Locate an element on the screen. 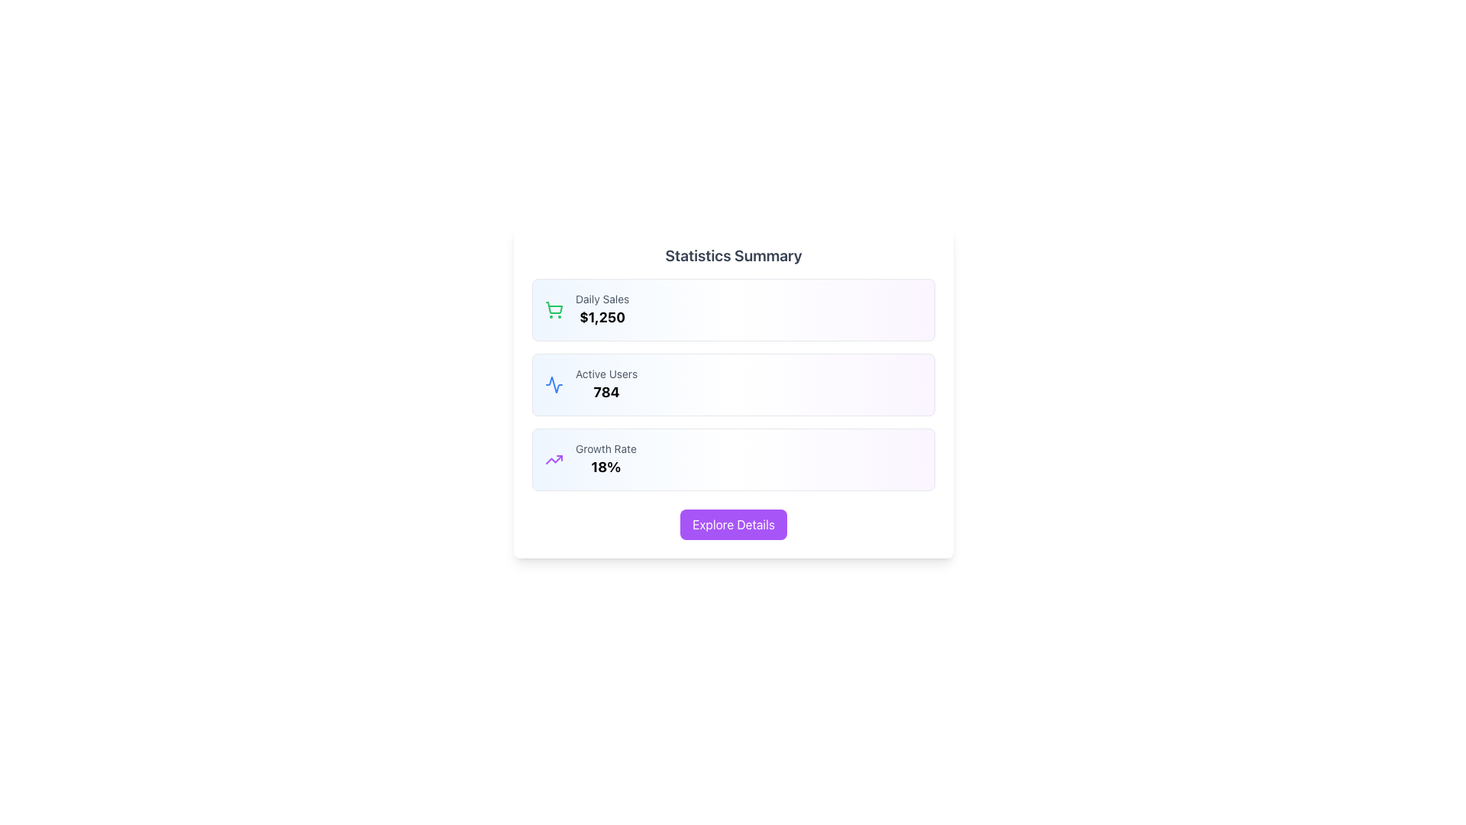 Image resolution: width=1466 pixels, height=825 pixels. the blue zigzag line icon representing activity, located to the left of the 'Active Users' text in the summary card displaying '784' is located at coordinates (553, 384).